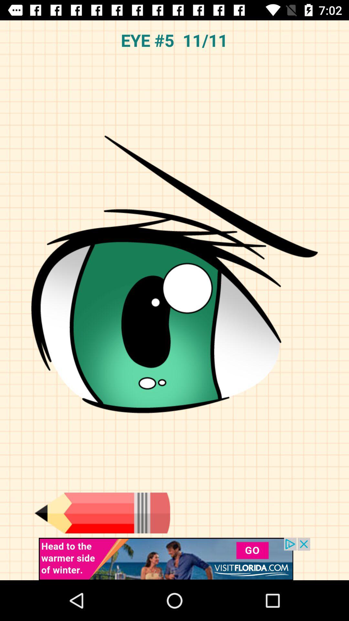  I want to click on click on the advertisement, so click(174, 559).